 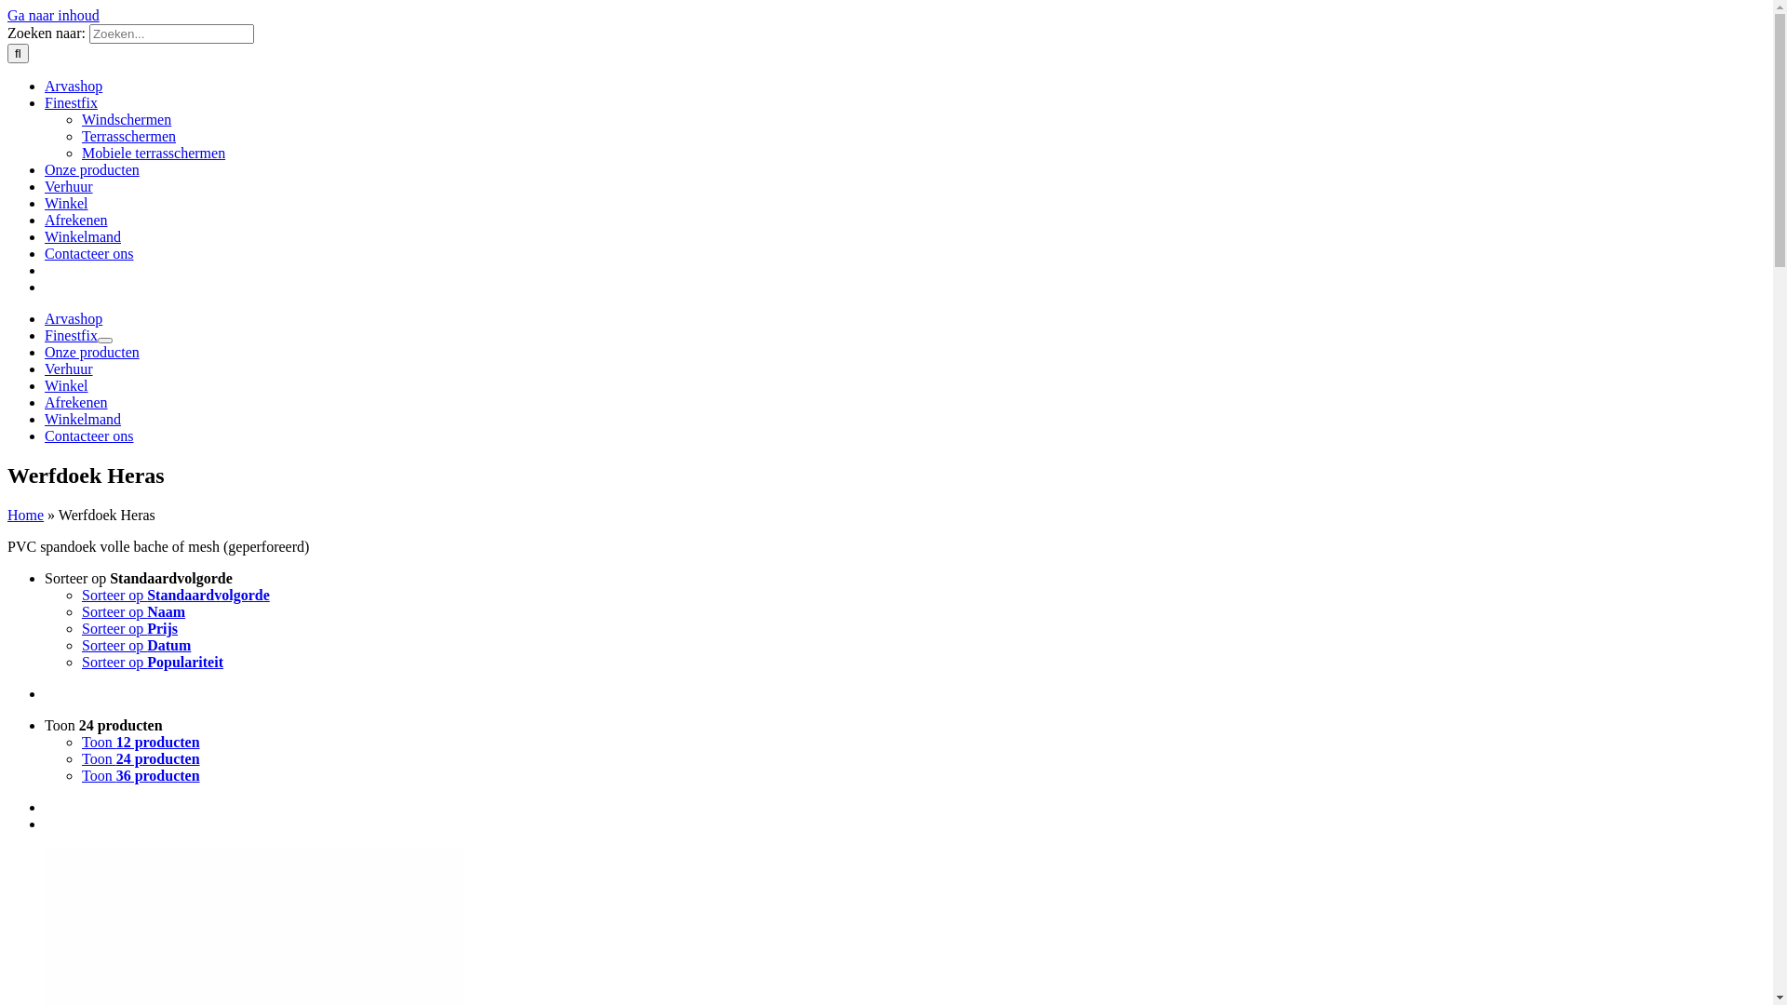 I want to click on 'Home', so click(x=25, y=515).